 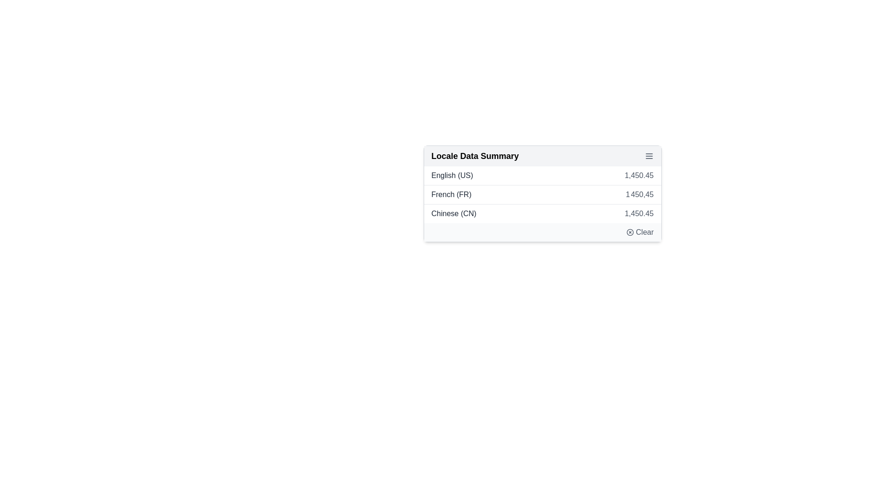 What do you see at coordinates (630, 232) in the screenshot?
I see `the Icon button located at the bottom-right corner of the 'Locale Data Summary' table` at bounding box center [630, 232].